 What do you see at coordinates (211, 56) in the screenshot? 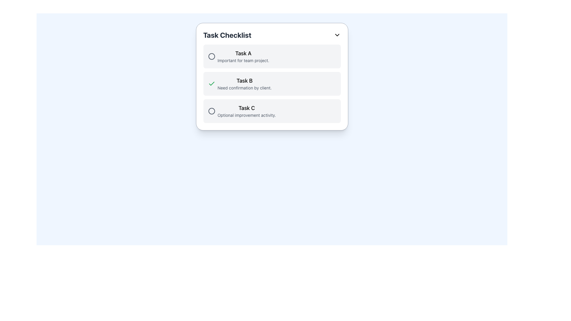
I see `the circular icon representing the incomplete status of 'Task A' in the checklist component` at bounding box center [211, 56].